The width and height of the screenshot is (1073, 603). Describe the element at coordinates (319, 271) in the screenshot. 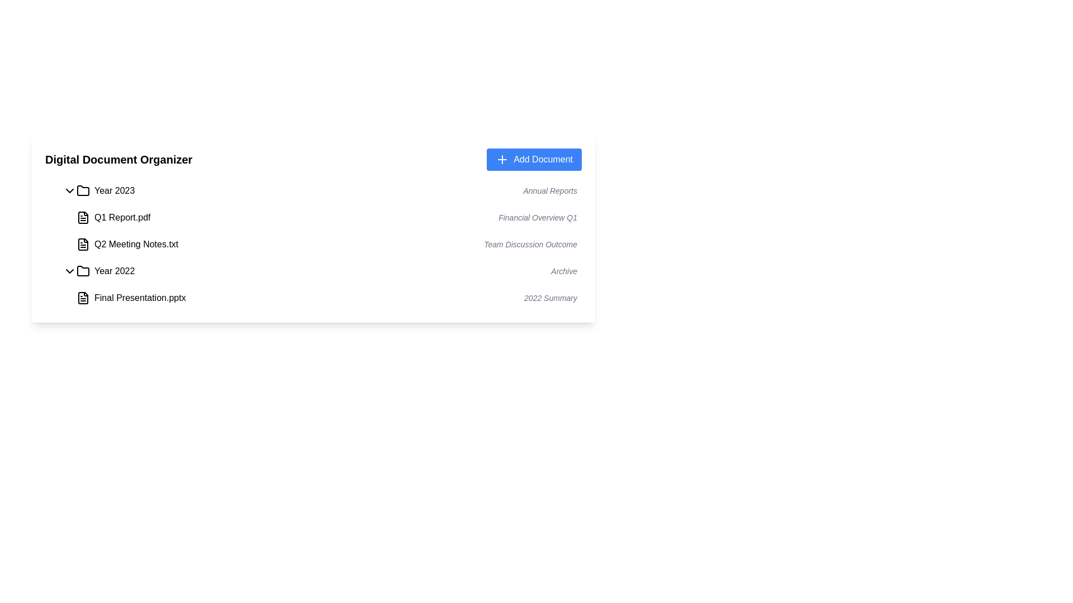

I see `the Toggleable category row for 'Year 2022'` at that location.